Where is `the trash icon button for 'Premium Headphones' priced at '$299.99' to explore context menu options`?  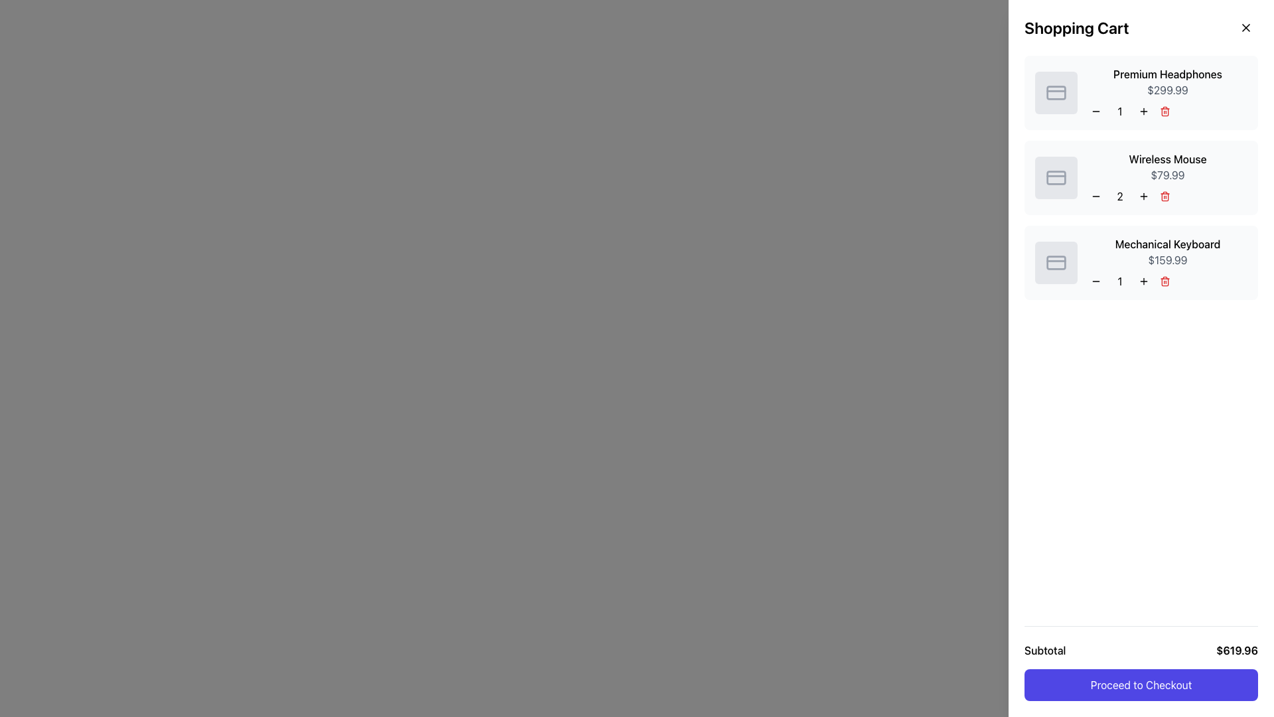 the trash icon button for 'Premium Headphones' priced at '$299.99' to explore context menu options is located at coordinates (1168, 111).